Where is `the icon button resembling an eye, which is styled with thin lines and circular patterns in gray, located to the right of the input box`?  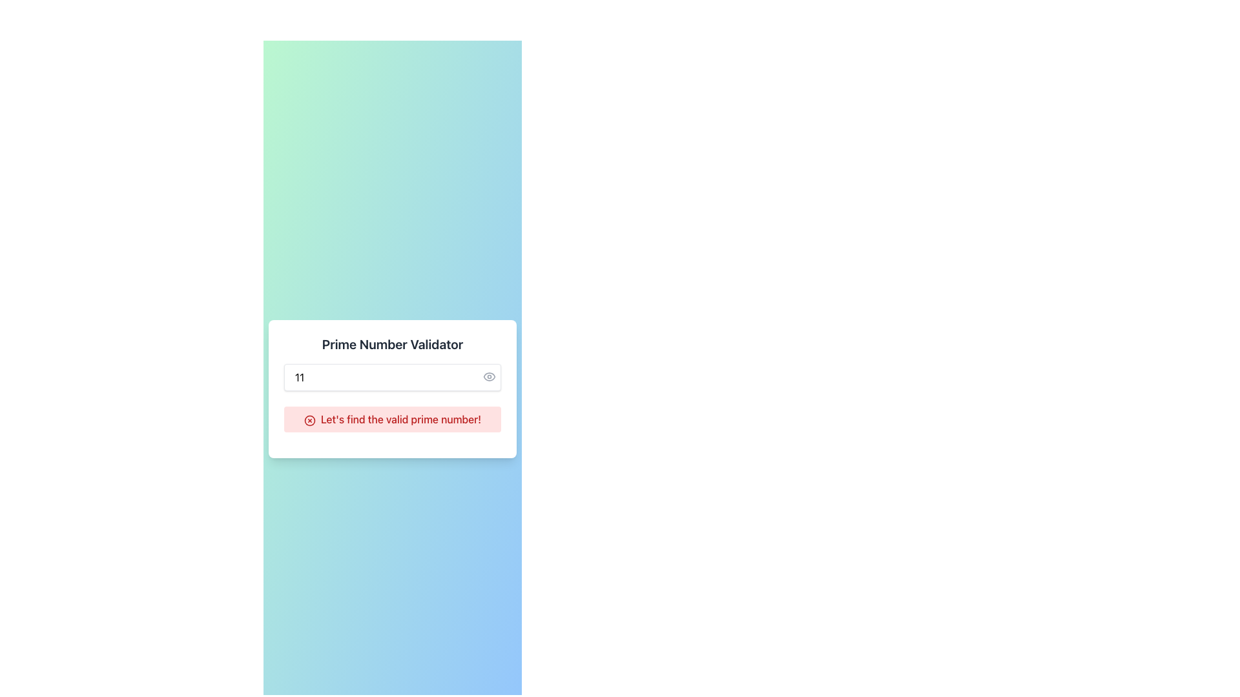
the icon button resembling an eye, which is styled with thin lines and circular patterns in gray, located to the right of the input box is located at coordinates (489, 376).